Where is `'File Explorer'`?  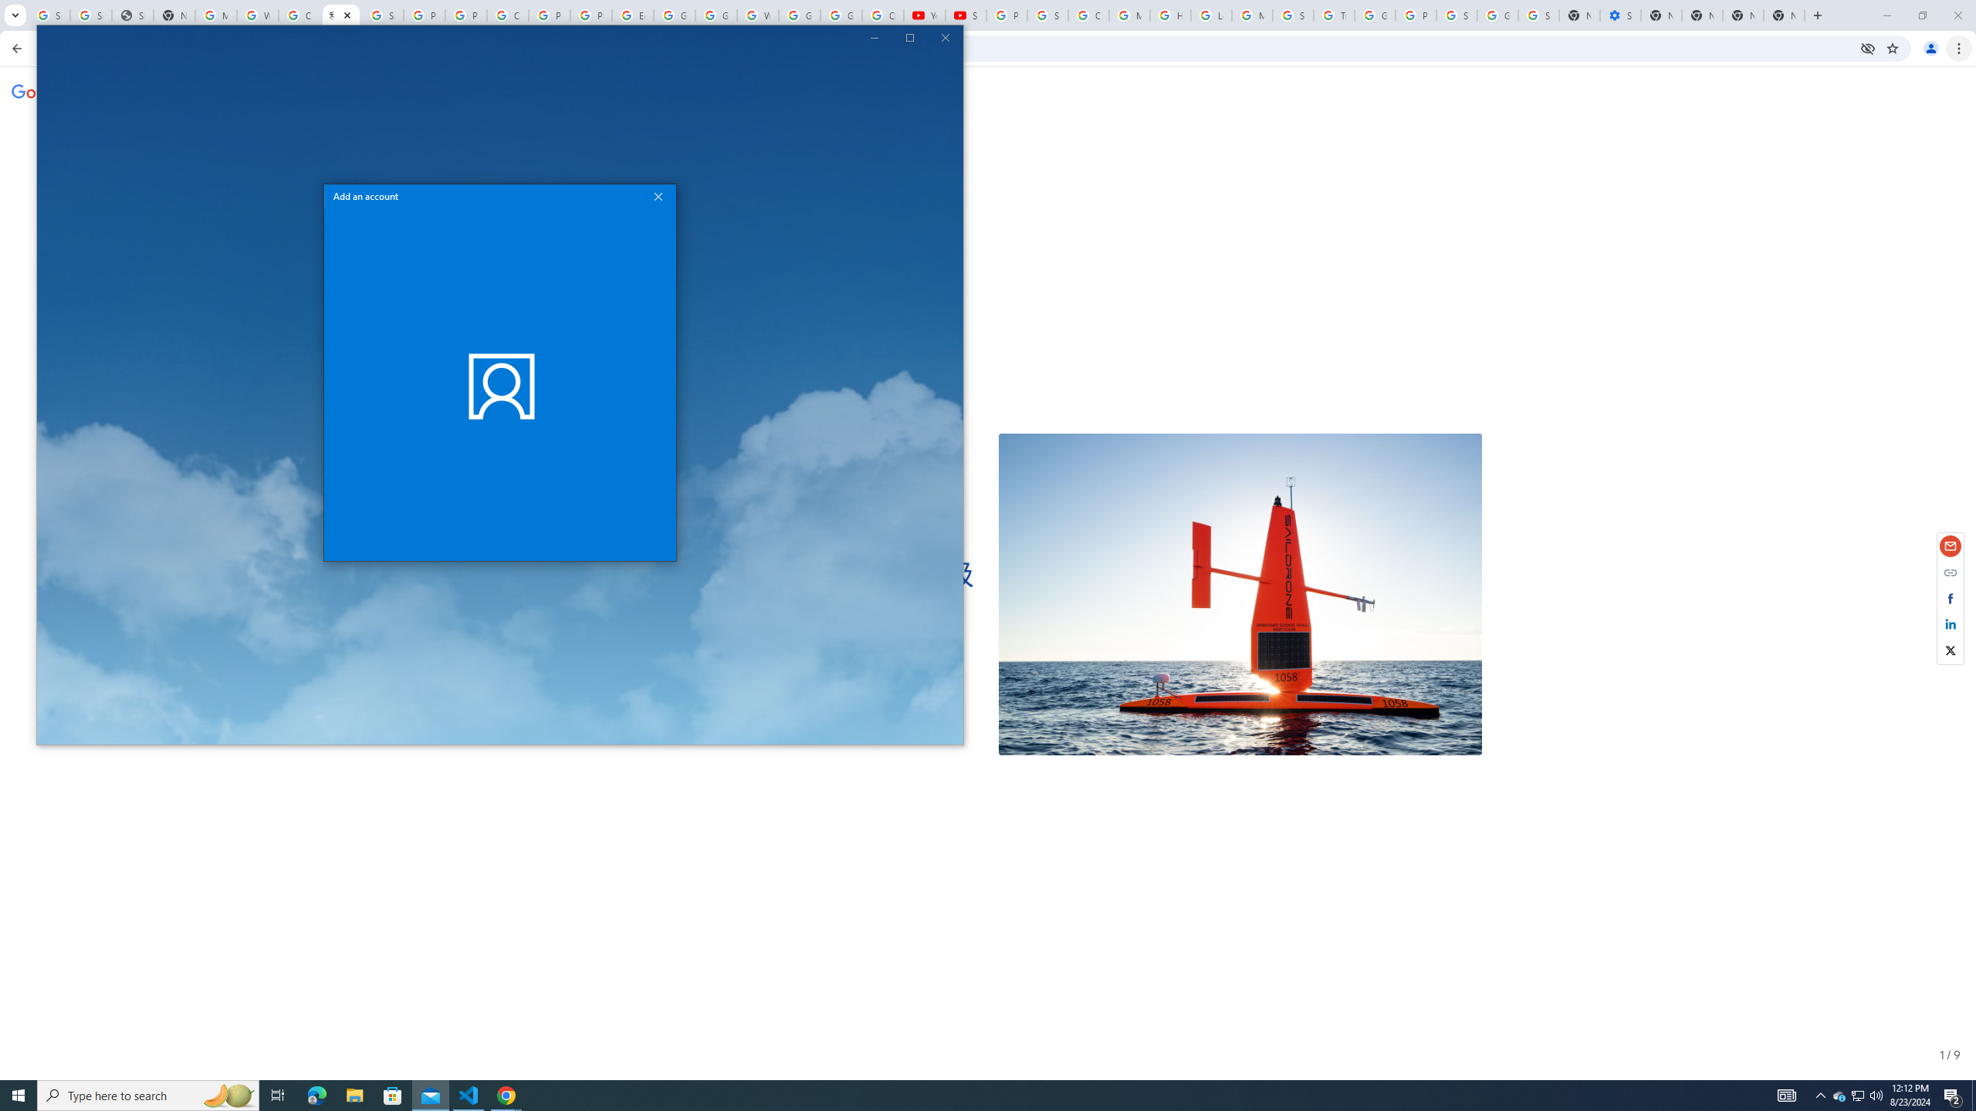
'File Explorer' is located at coordinates (393, 1094).